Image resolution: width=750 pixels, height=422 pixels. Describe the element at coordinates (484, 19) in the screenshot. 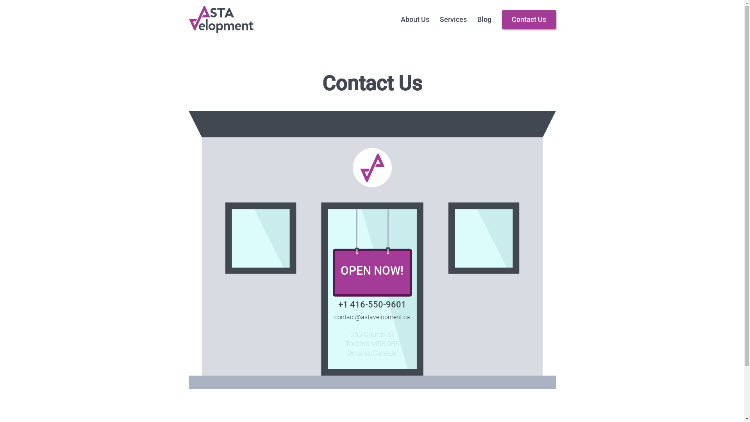

I see `'Blog'` at that location.